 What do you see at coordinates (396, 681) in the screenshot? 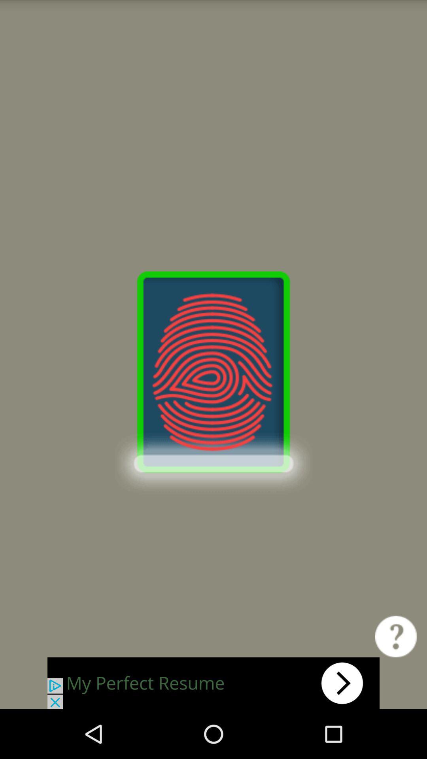
I see `the help icon` at bounding box center [396, 681].